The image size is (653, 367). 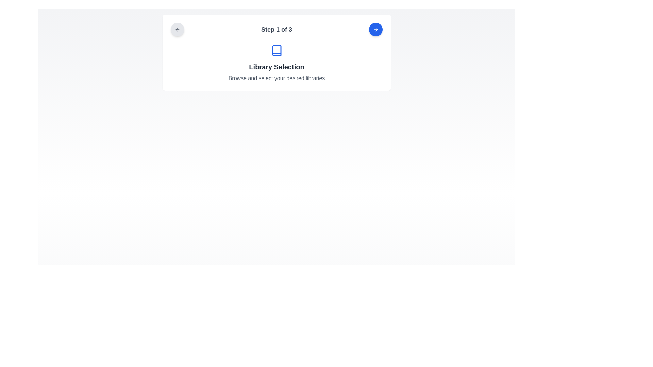 What do you see at coordinates (277, 29) in the screenshot?
I see `text label displaying 'Step 1 of 3' which indicates the current step in the navigation interface` at bounding box center [277, 29].